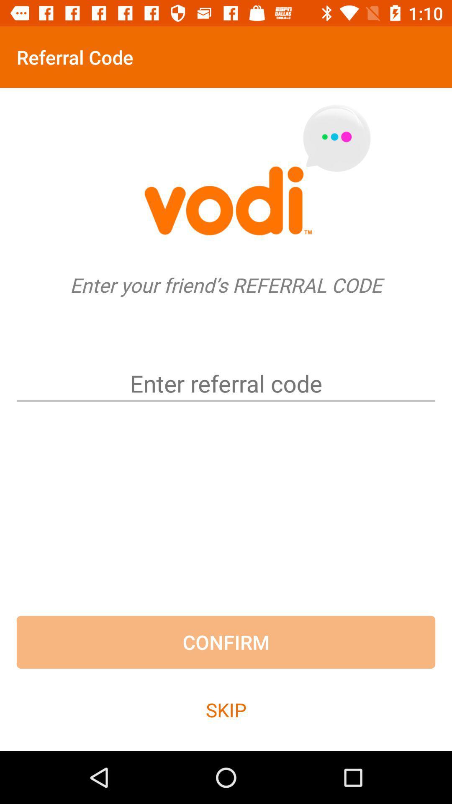  Describe the element at coordinates (226, 642) in the screenshot. I see `confirm` at that location.